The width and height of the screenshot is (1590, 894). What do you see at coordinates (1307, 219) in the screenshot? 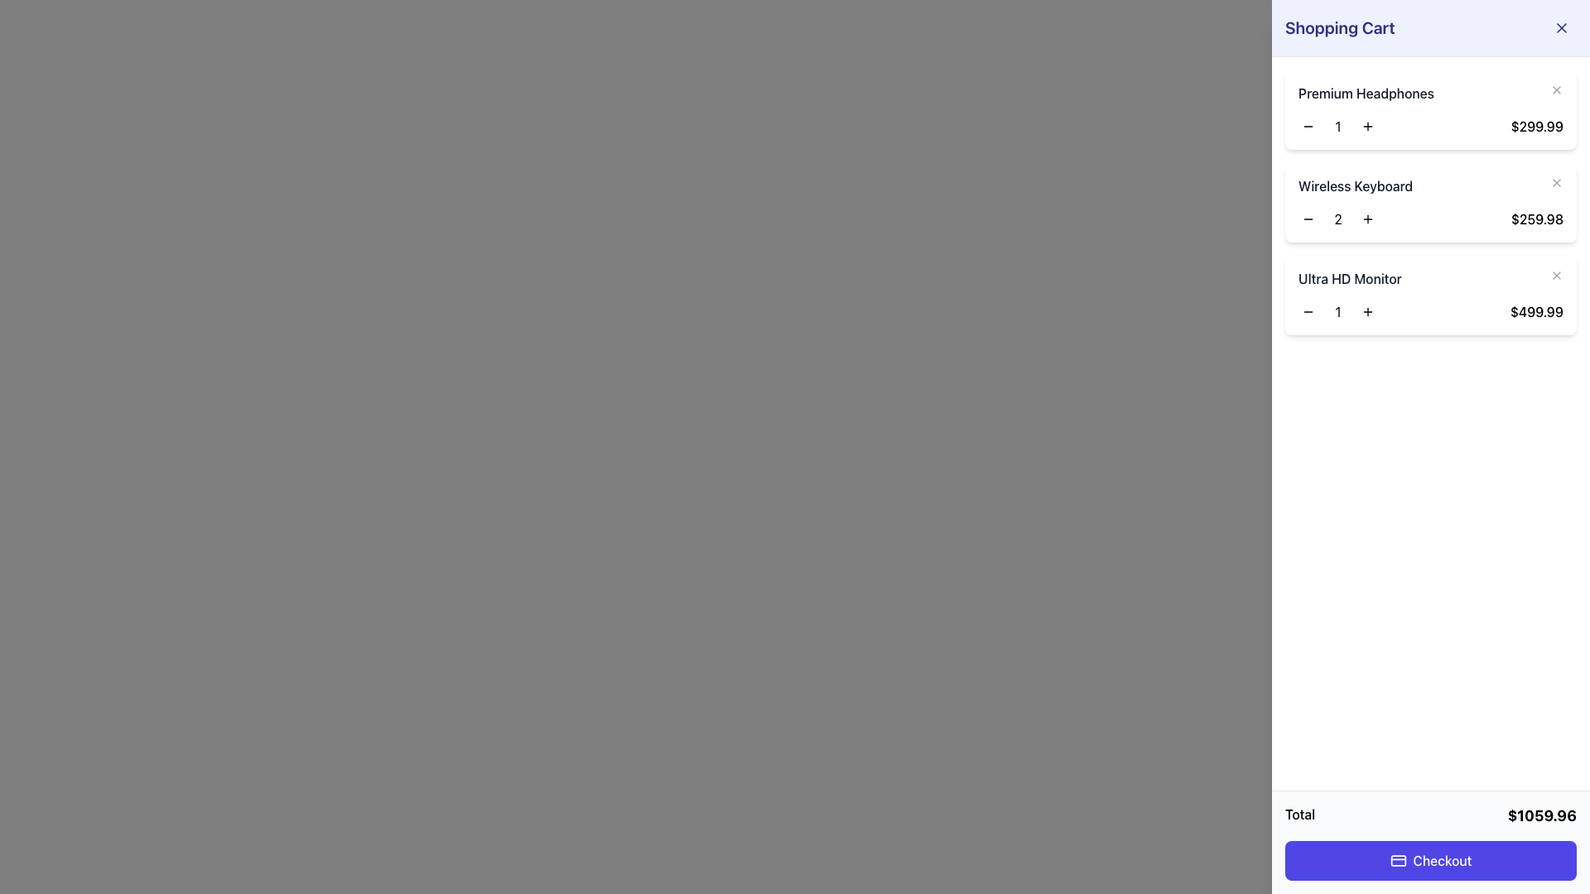
I see `the decrement button for the 'Wireless Keyboard' item in the shopping cart for keyboard interaction` at bounding box center [1307, 219].